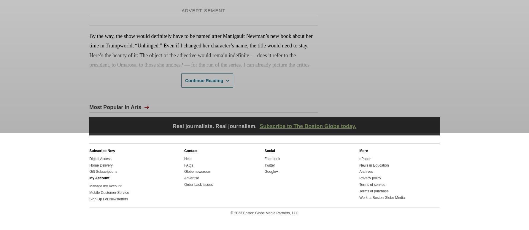 The width and height of the screenshot is (529, 230). Describe the element at coordinates (103, 171) in the screenshot. I see `'Gift Subscriptions'` at that location.